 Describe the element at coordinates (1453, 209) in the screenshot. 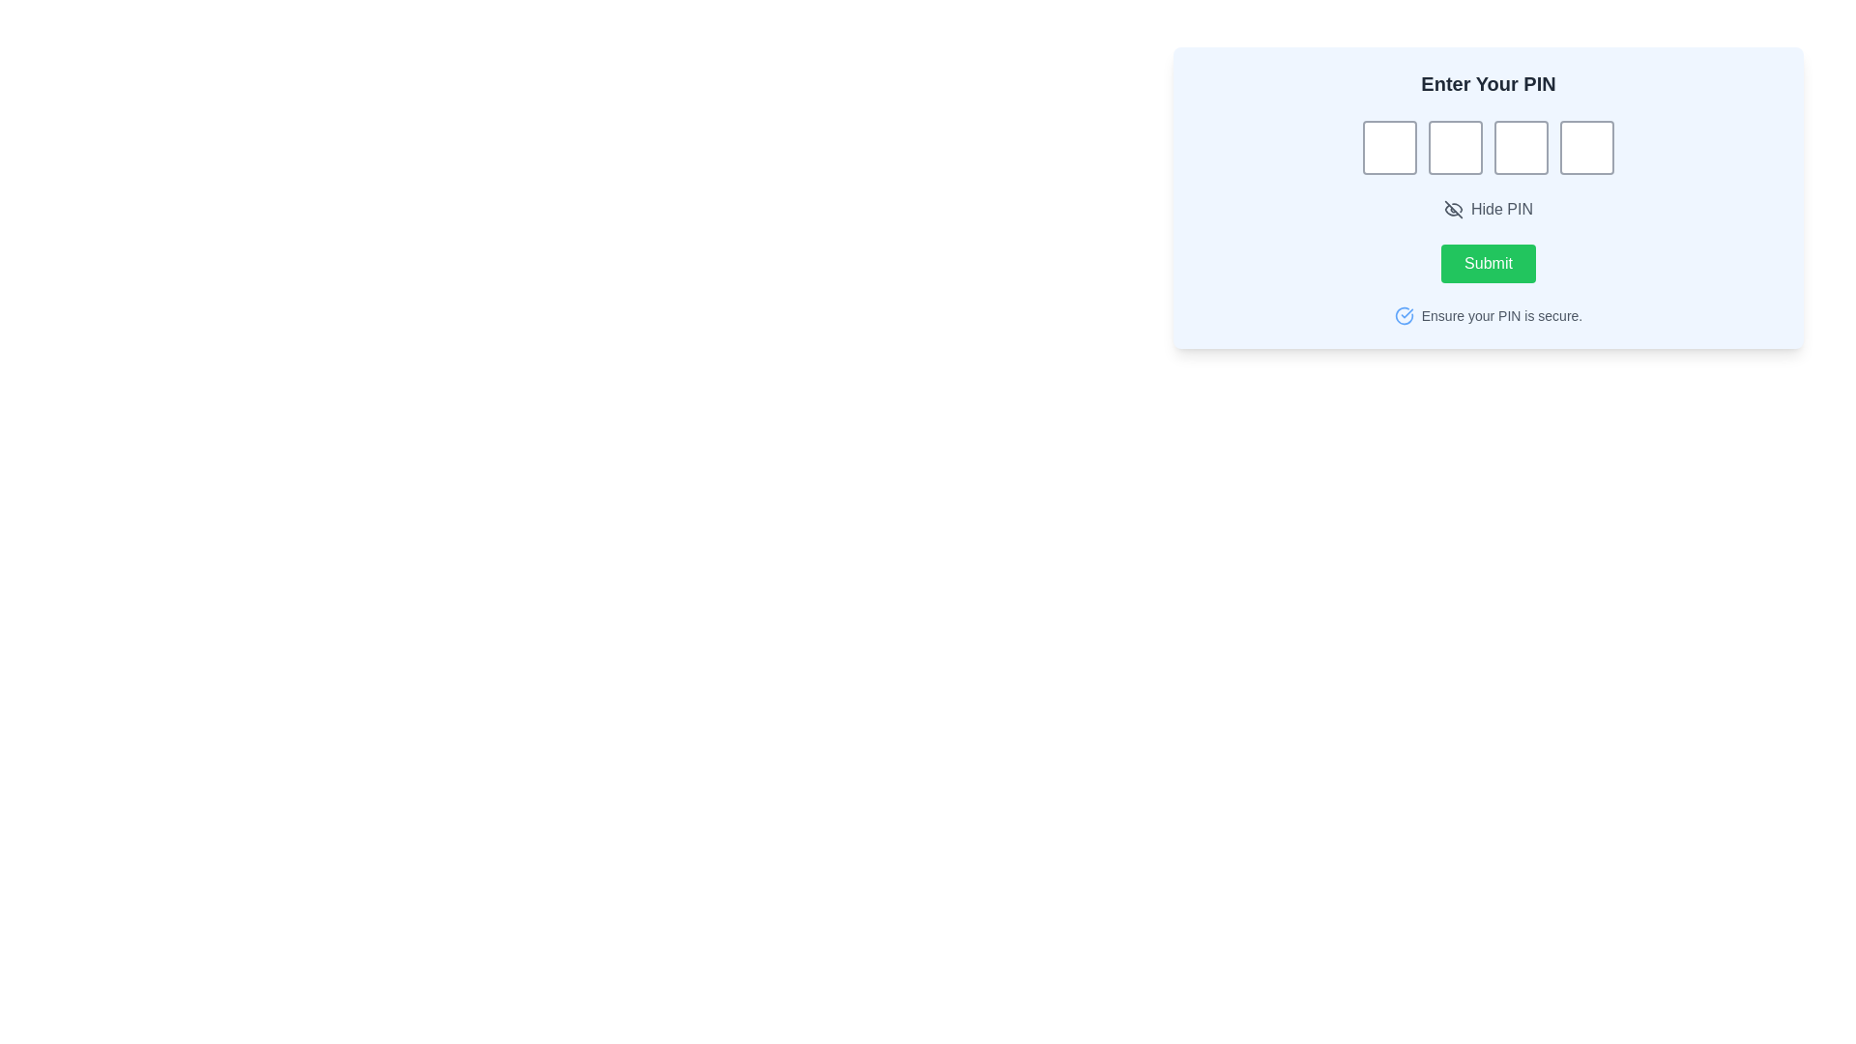

I see `the visibility toggle icon located to the left of the text 'Hide PIN'` at that location.